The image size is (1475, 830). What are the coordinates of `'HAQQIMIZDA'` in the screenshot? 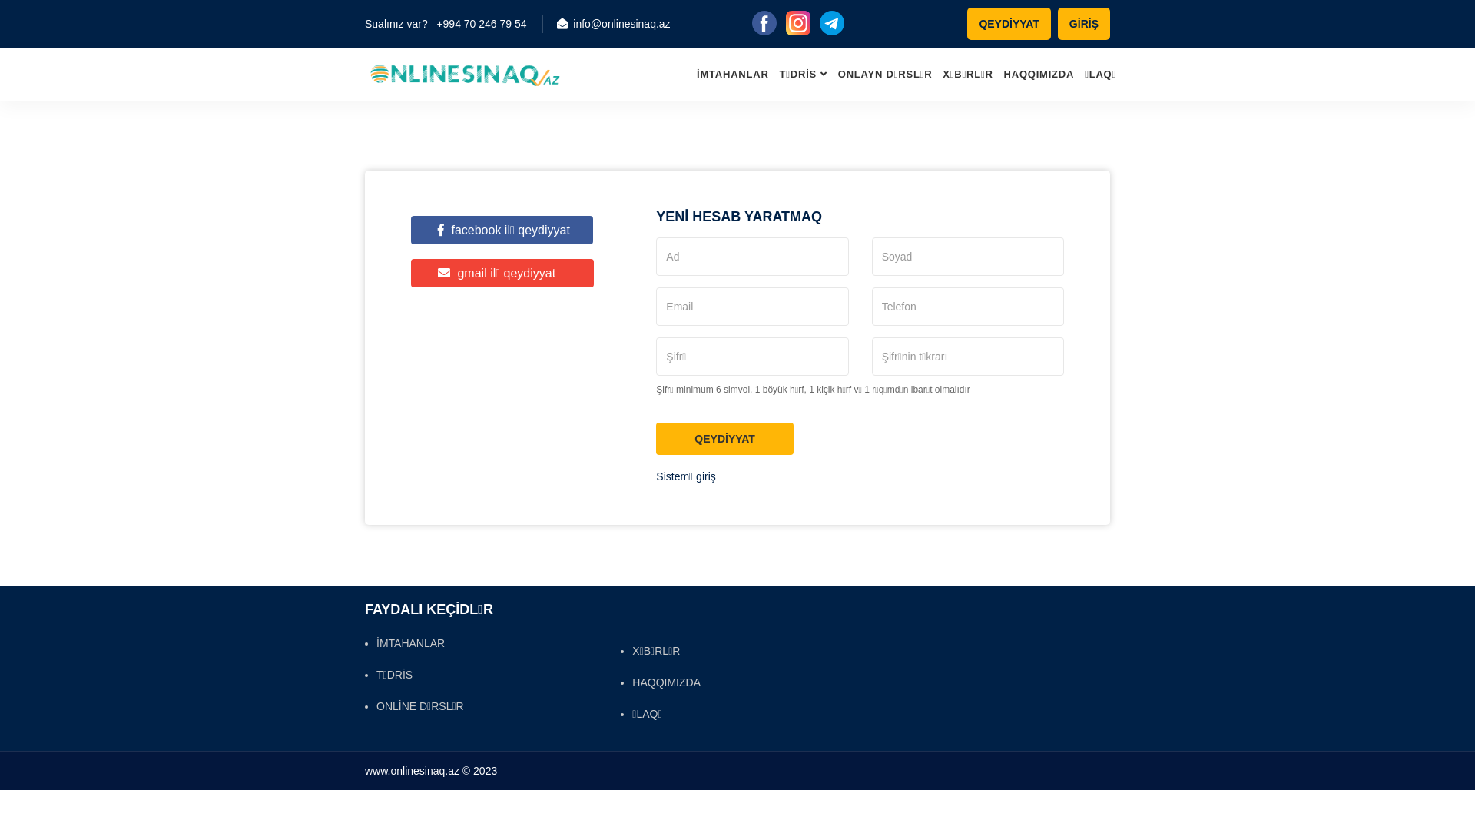 It's located at (1039, 74).